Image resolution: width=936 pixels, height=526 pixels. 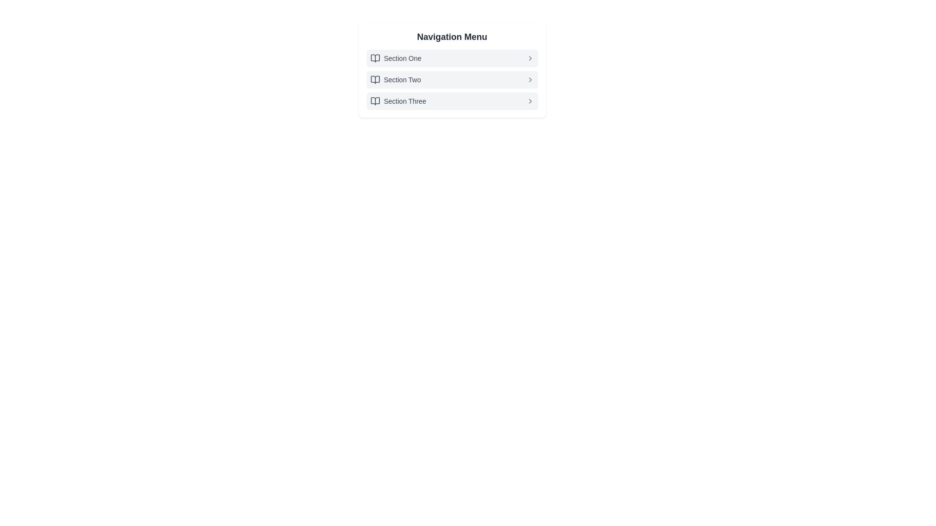 I want to click on the small square icon resembling an open book located on the left side of the text label 'Section One' in the navigation menu, so click(x=374, y=58).